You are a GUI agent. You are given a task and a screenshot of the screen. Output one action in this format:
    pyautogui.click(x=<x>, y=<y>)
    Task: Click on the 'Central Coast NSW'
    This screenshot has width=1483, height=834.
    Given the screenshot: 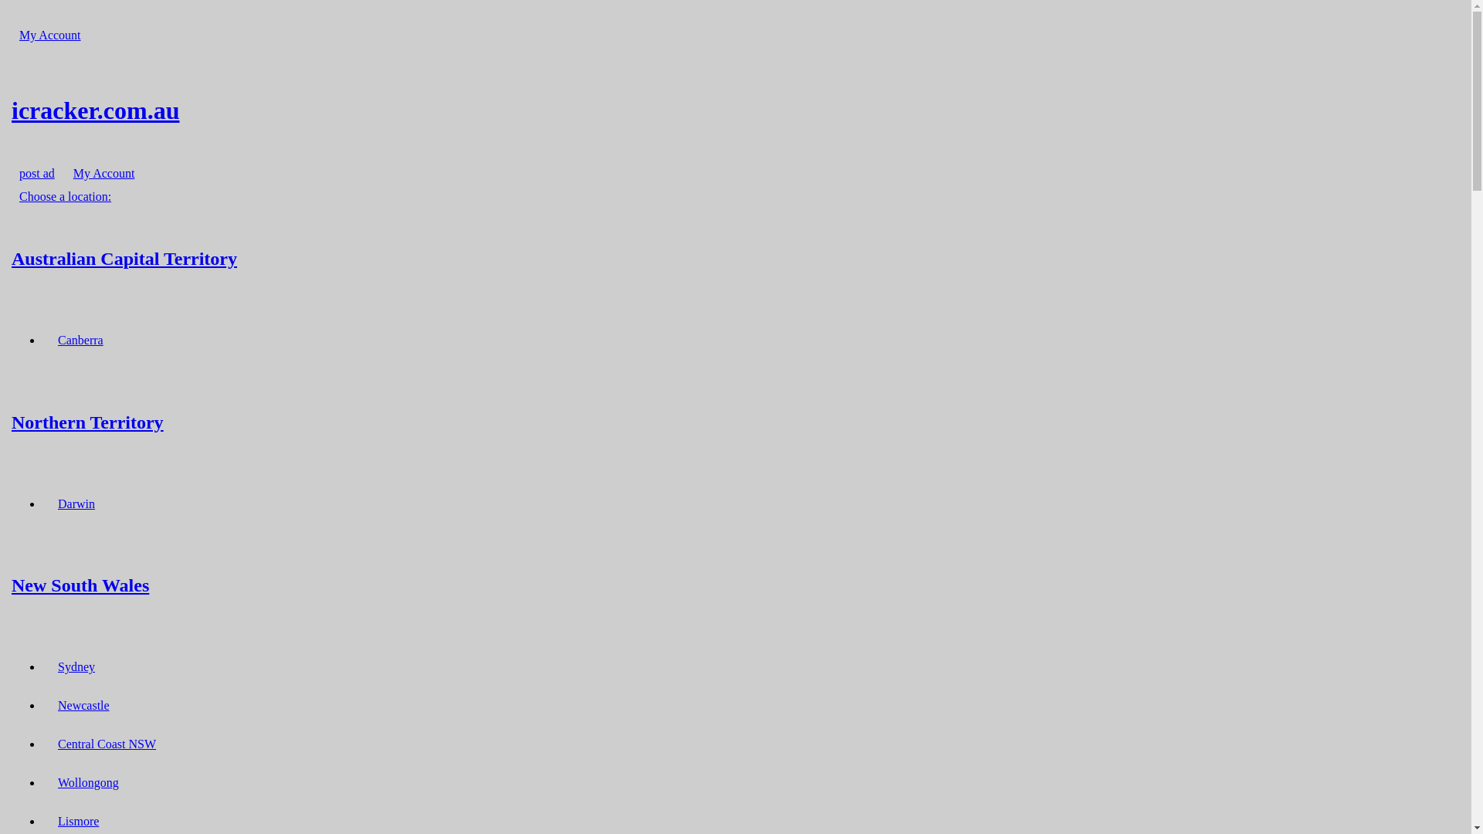 What is the action you would take?
    pyautogui.click(x=106, y=743)
    